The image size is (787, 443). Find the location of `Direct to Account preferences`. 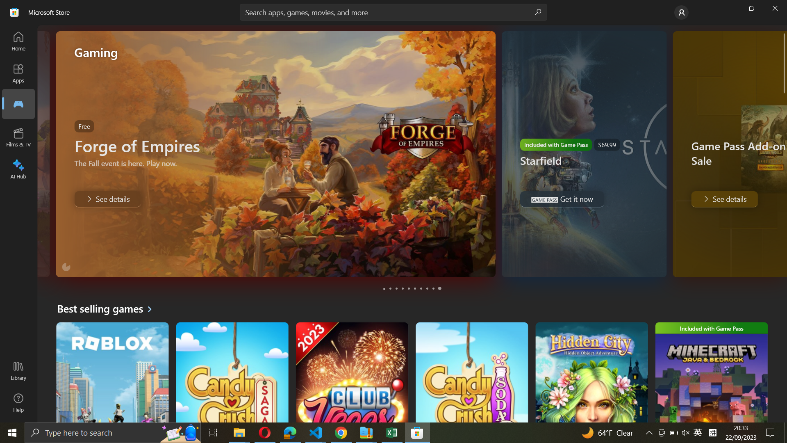

Direct to Account preferences is located at coordinates (680, 12).